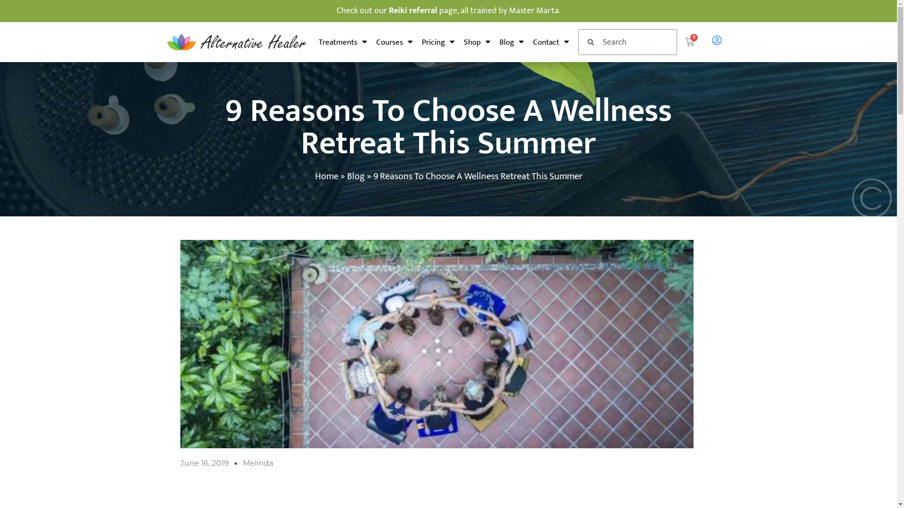 The width and height of the screenshot is (904, 508). I want to click on 'Contact', so click(551, 41).